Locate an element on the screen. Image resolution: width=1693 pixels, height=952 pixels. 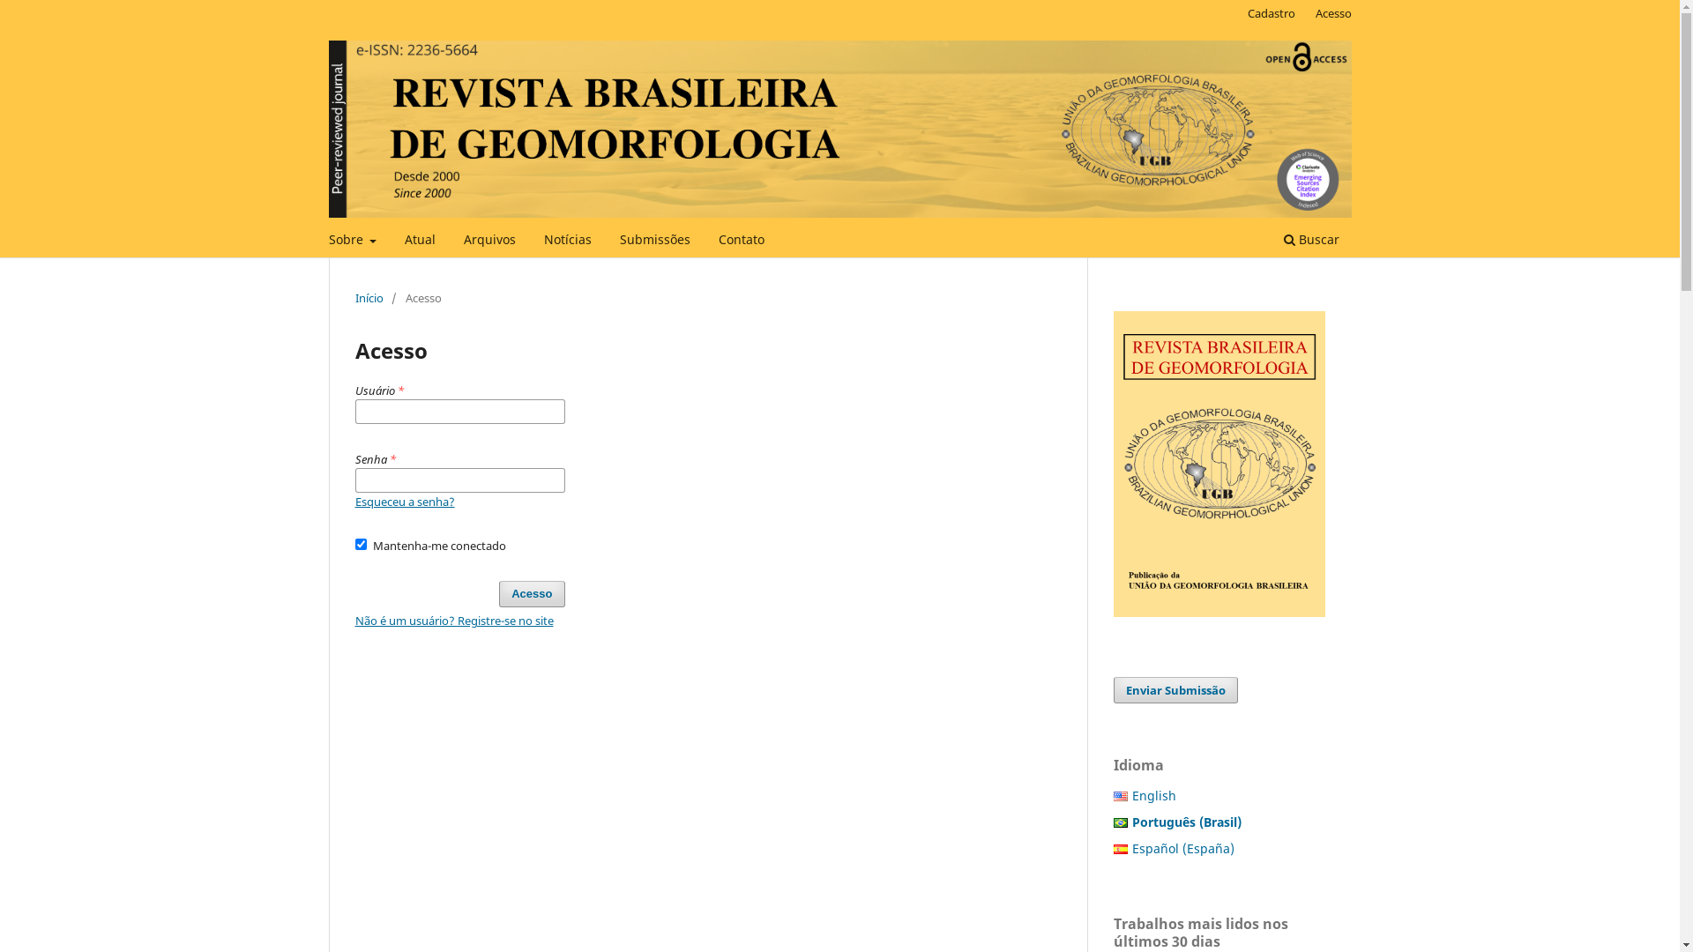
'Buscar' is located at coordinates (1310, 242).